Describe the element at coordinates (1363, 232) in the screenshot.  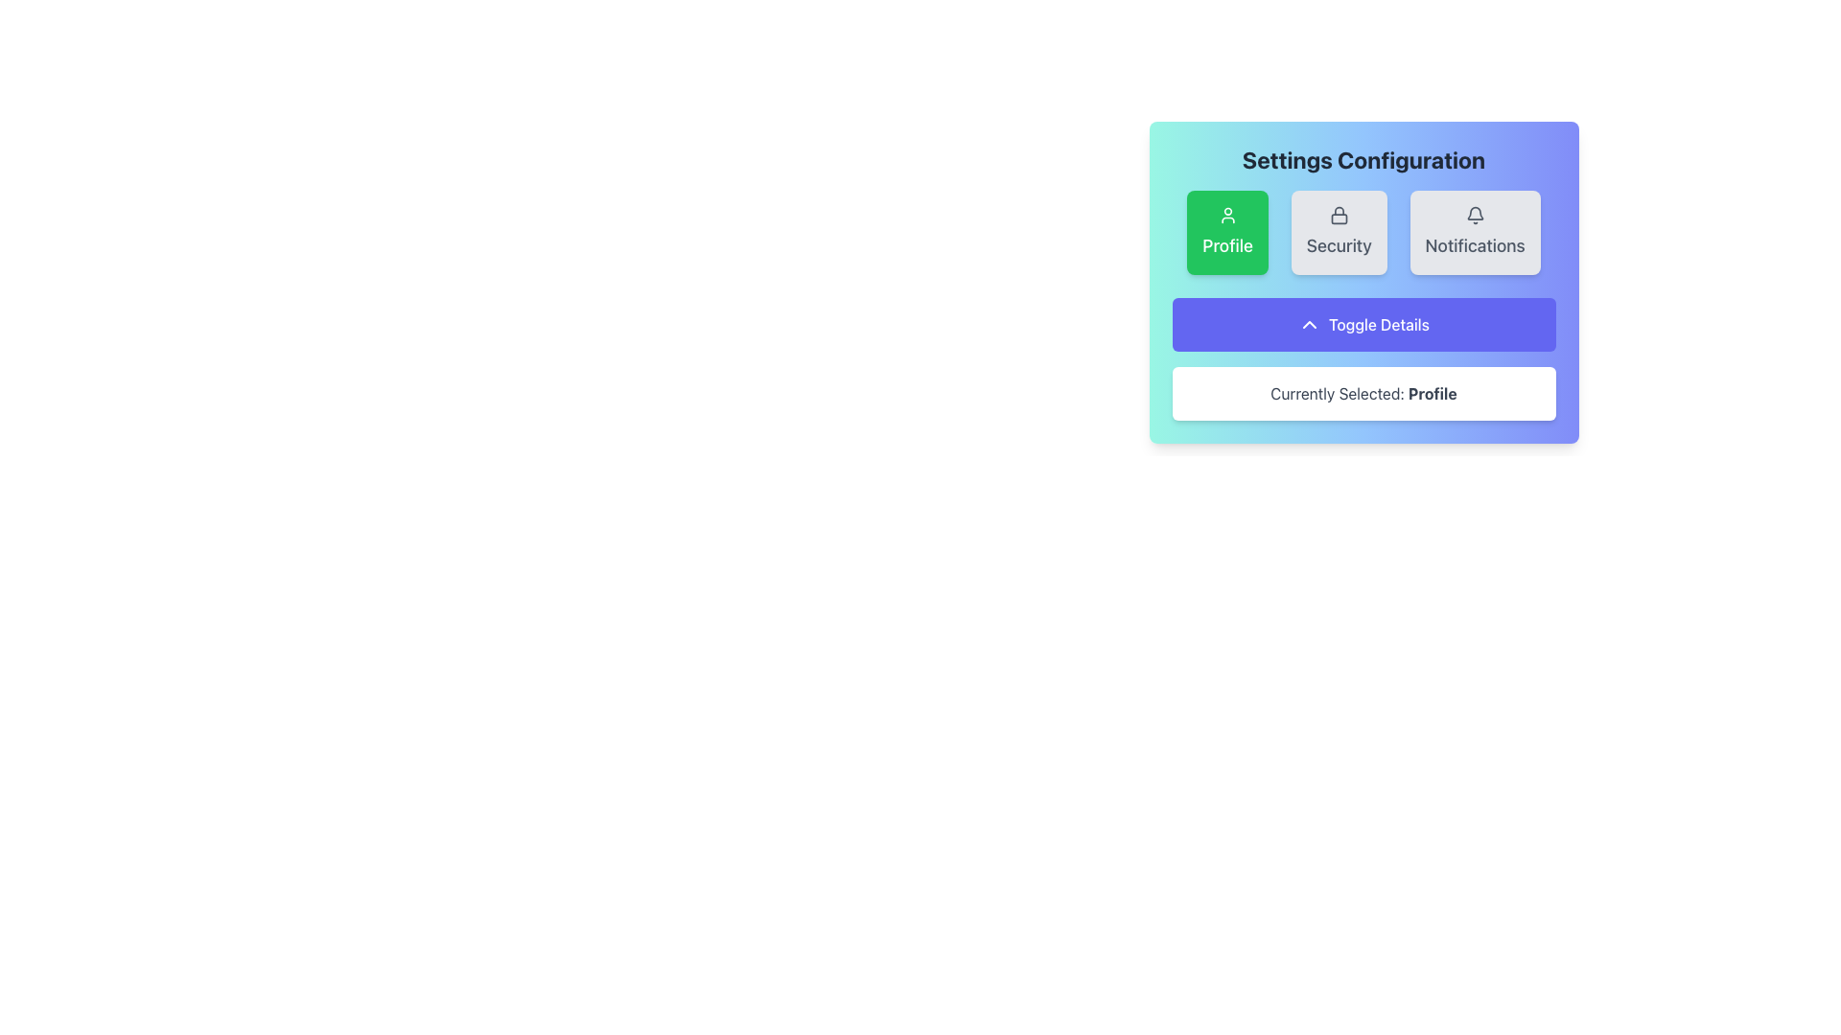
I see `the 'Security' button, which is a rectangular clickable panel with a gray background, a 'Security' label, and a lock icon, located in the center of a three-item horizontal menu` at that location.